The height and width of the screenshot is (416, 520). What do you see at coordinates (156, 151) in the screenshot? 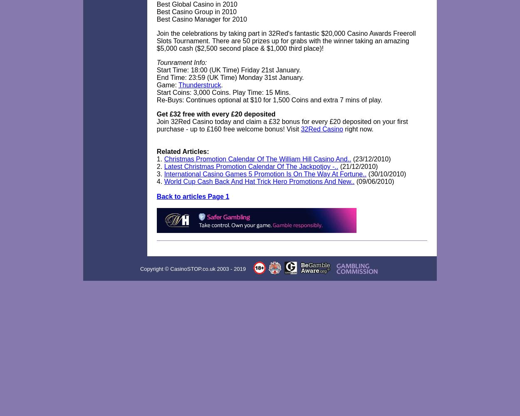
I see `'Related Articles:'` at bounding box center [156, 151].